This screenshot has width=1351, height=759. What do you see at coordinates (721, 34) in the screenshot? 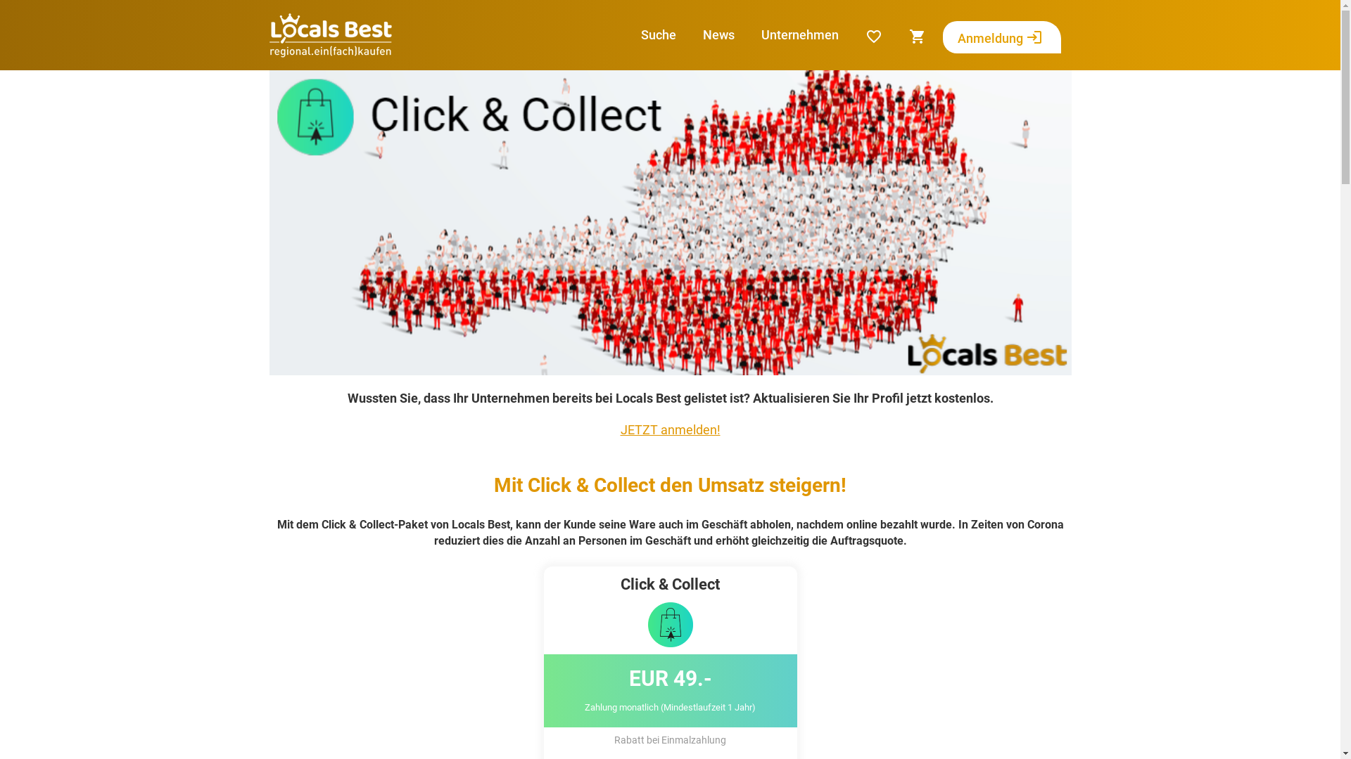
I see `'News'` at bounding box center [721, 34].